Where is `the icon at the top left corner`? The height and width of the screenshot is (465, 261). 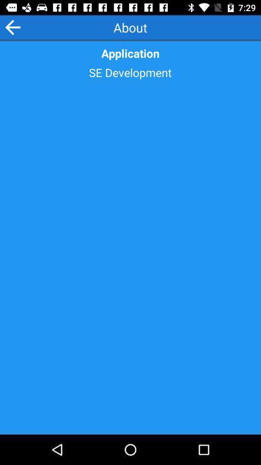
the icon at the top left corner is located at coordinates (12, 27).